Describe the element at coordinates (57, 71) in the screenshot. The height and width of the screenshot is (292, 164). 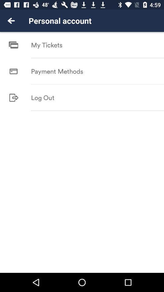
I see `payment methods` at that location.